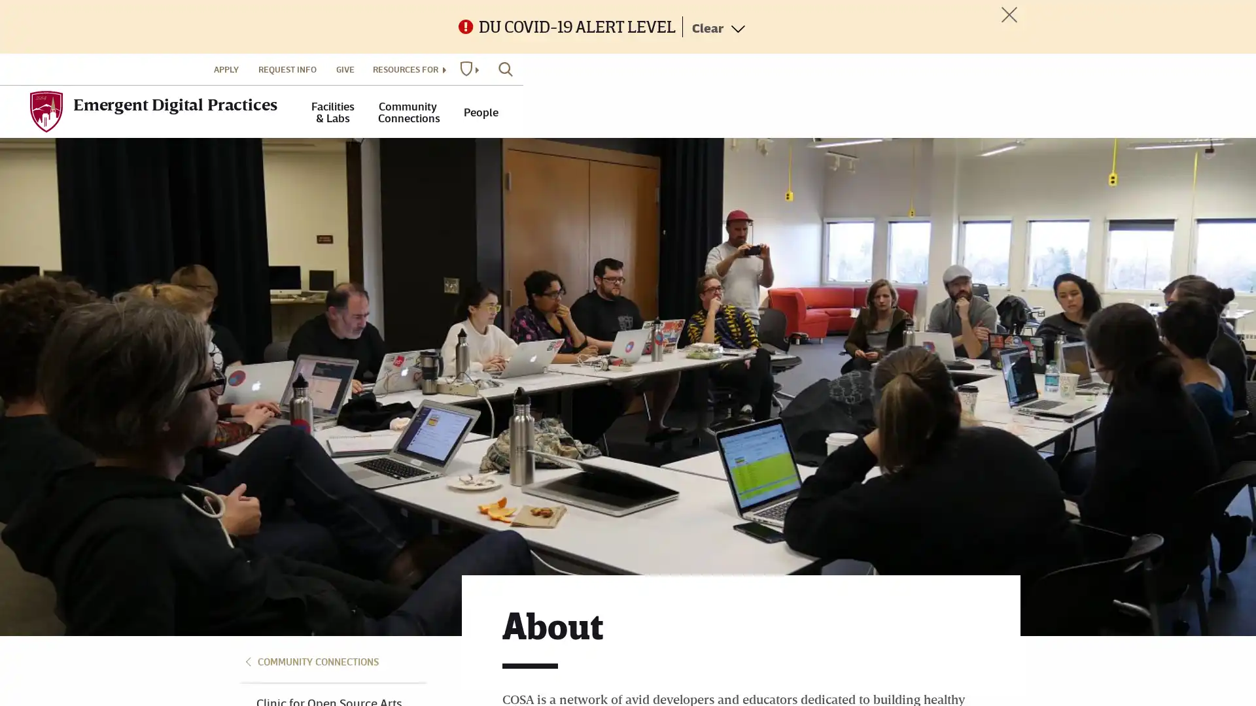  Describe the element at coordinates (784, 69) in the screenshot. I see `REQUEST INFO` at that location.